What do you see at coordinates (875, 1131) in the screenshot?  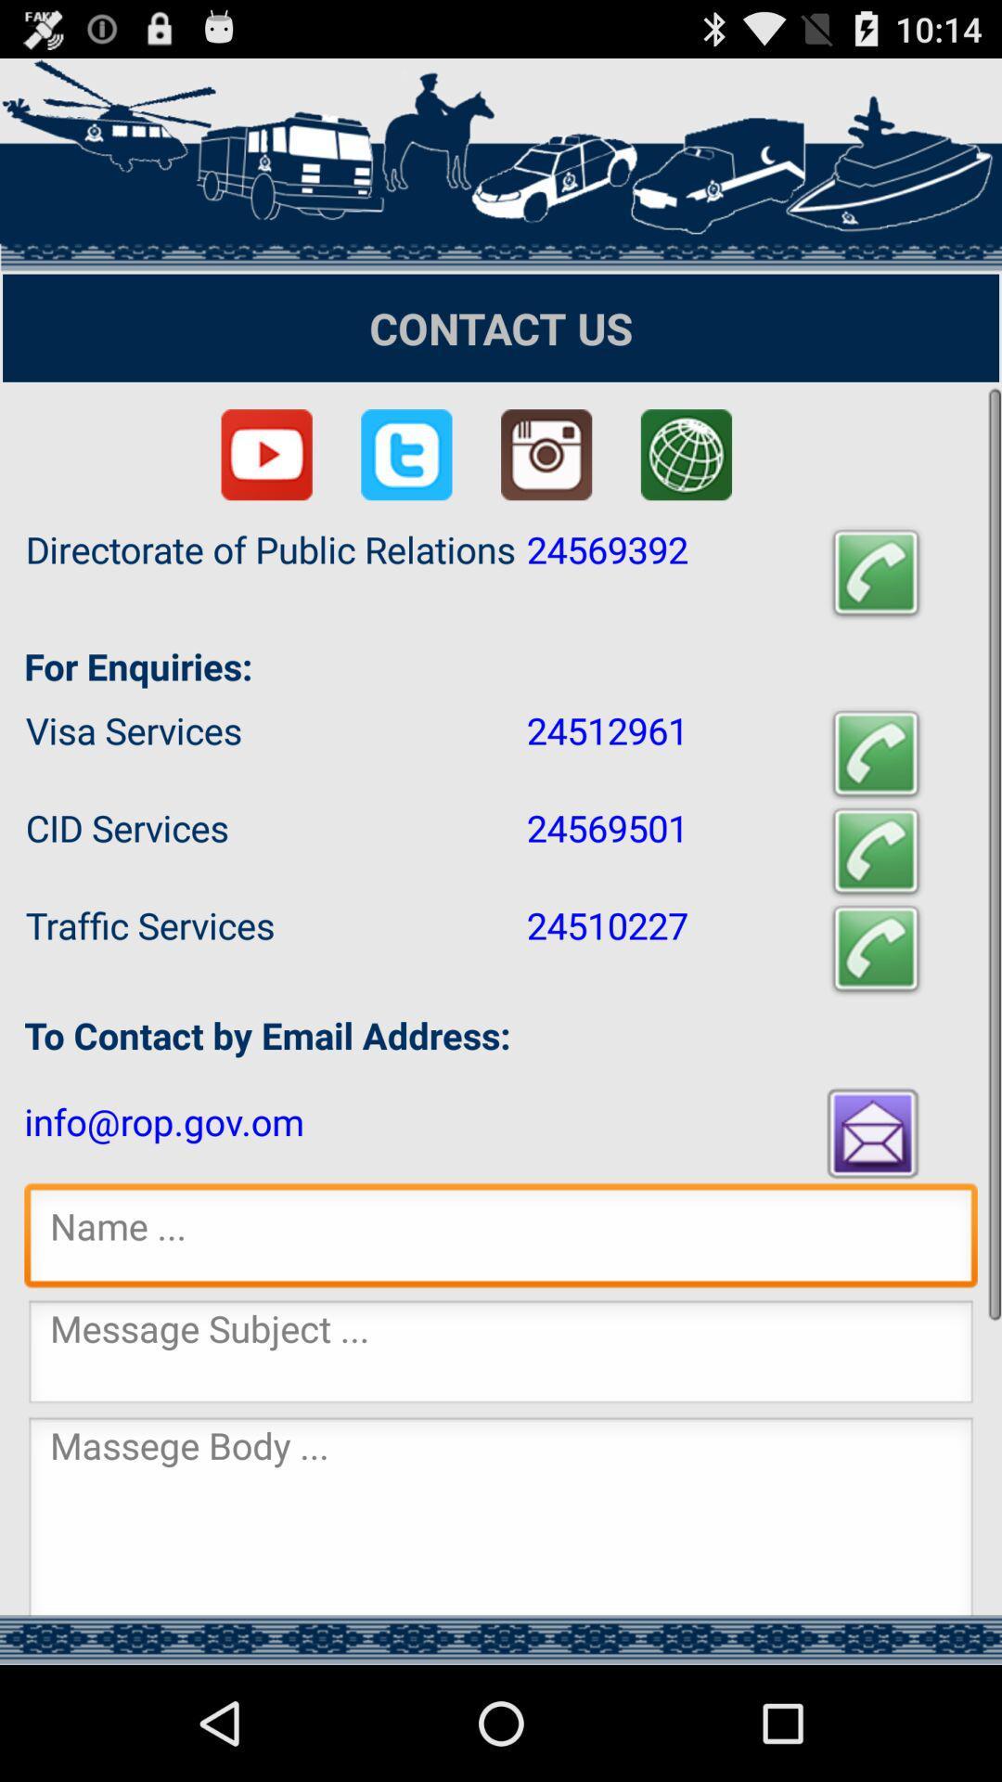 I see `press to email the address` at bounding box center [875, 1131].